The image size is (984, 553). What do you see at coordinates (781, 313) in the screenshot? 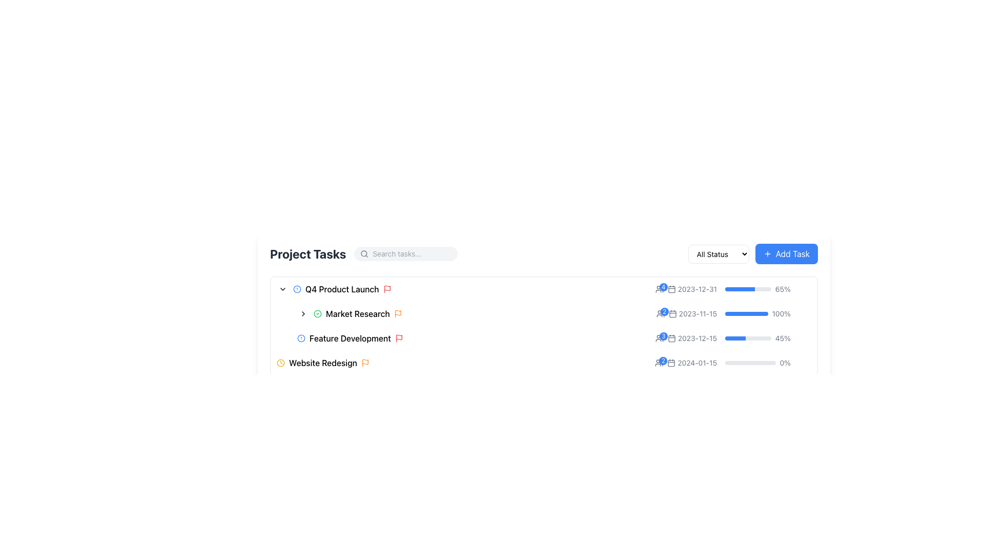
I see `the static text label representing the progress percentage of the task dated '2023-11-15', which is located to the right of the progress bar` at bounding box center [781, 313].